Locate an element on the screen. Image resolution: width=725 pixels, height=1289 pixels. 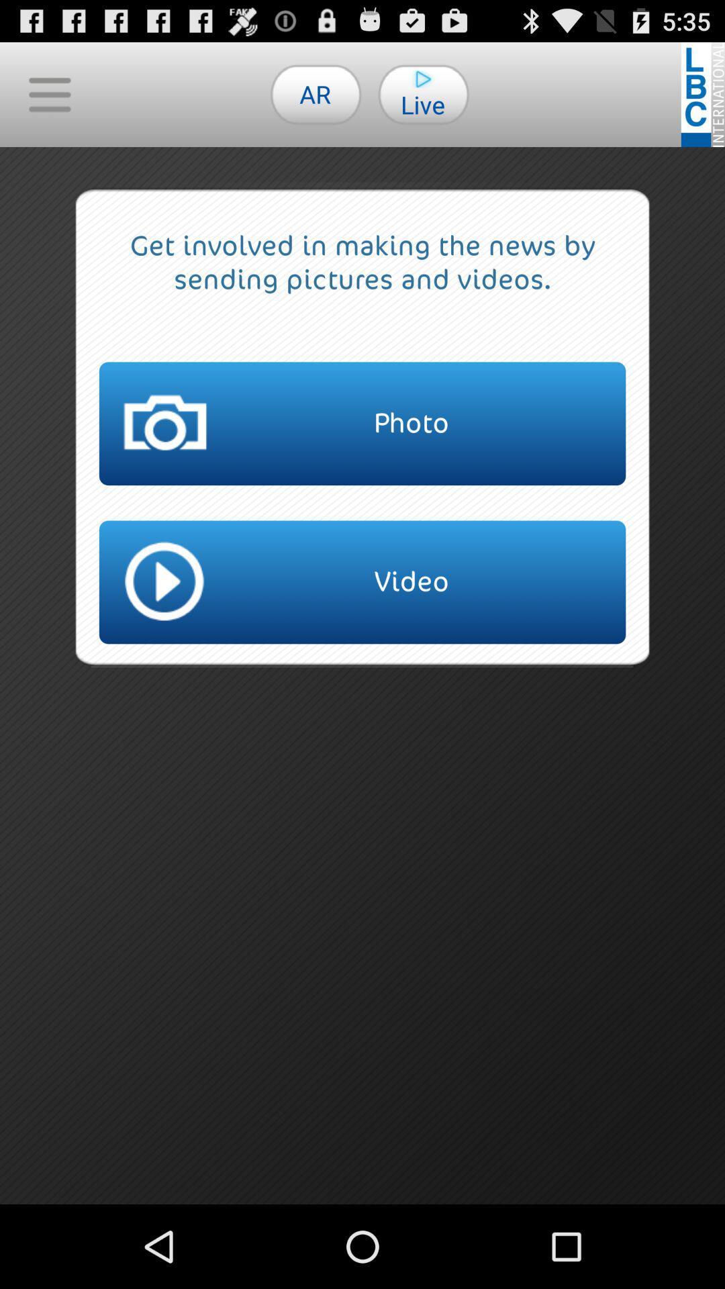
the button next to the ar button is located at coordinates (48, 93).